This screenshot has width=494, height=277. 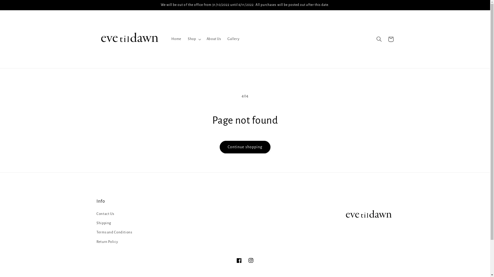 I want to click on 'Return Policy', so click(x=107, y=241).